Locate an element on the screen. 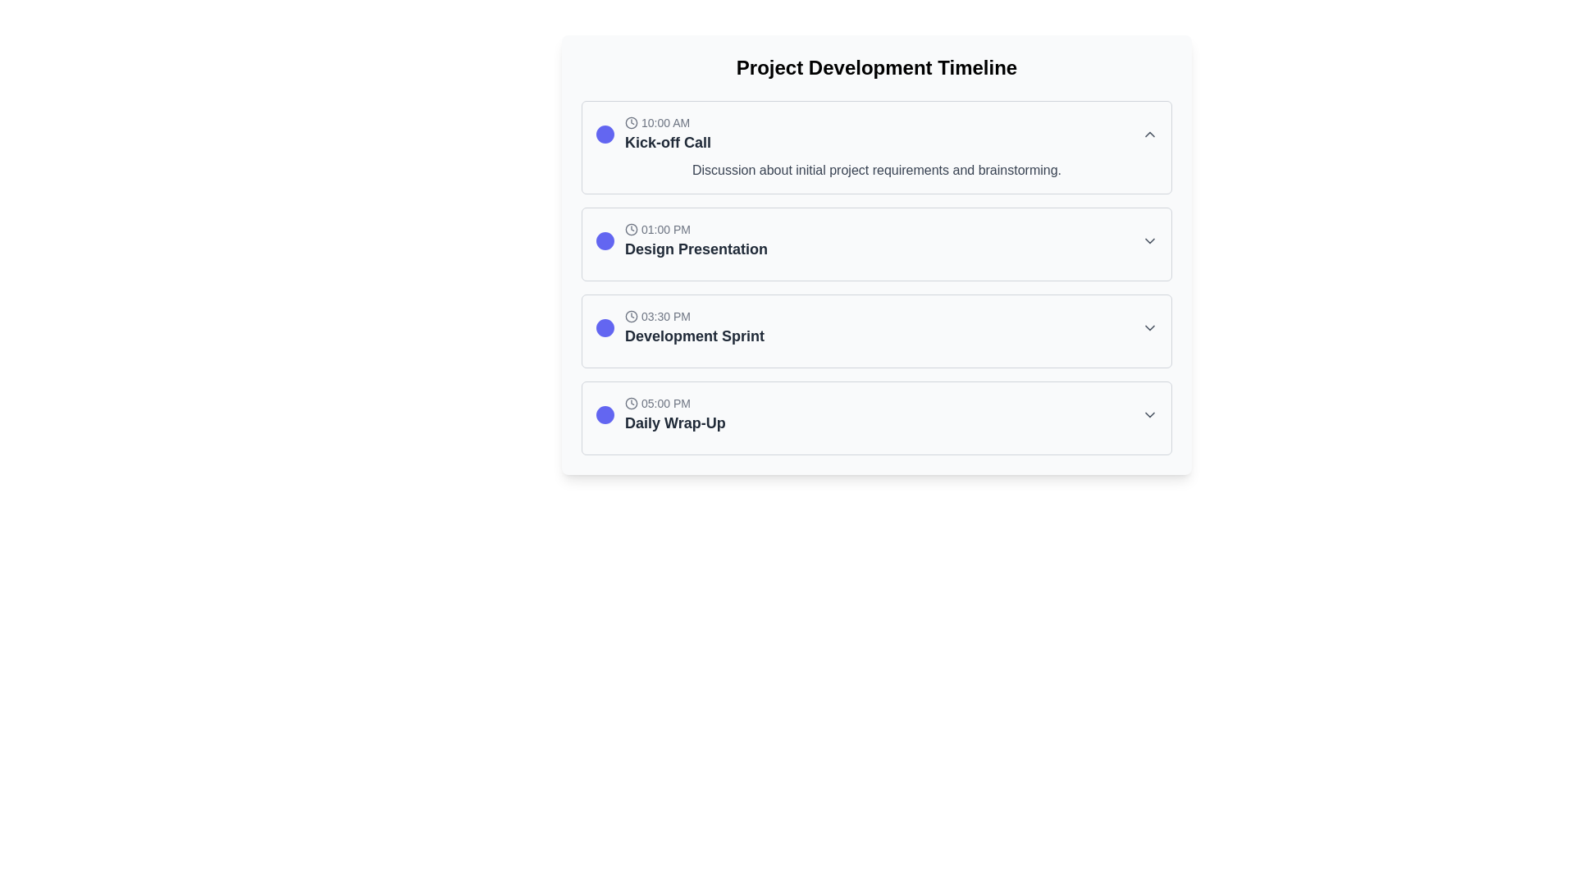  the event status indicator icon located in the timeline interface, specifically in the third event labeled '03:30 PM Development Sprint', positioned to the left of the event title and description is located at coordinates (605, 328).